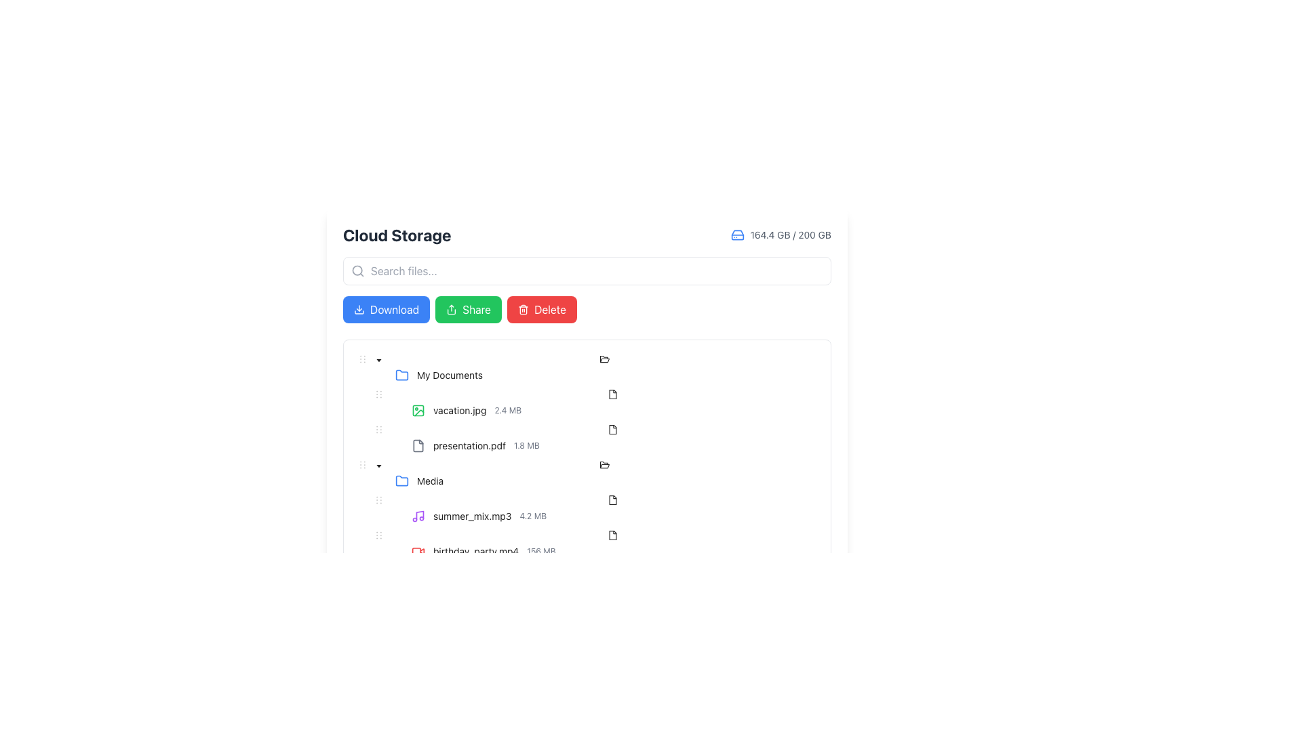 Image resolution: width=1302 pixels, height=732 pixels. Describe the element at coordinates (612, 409) in the screenshot. I see `the file list item displaying 'vacation.jpg'` at that location.